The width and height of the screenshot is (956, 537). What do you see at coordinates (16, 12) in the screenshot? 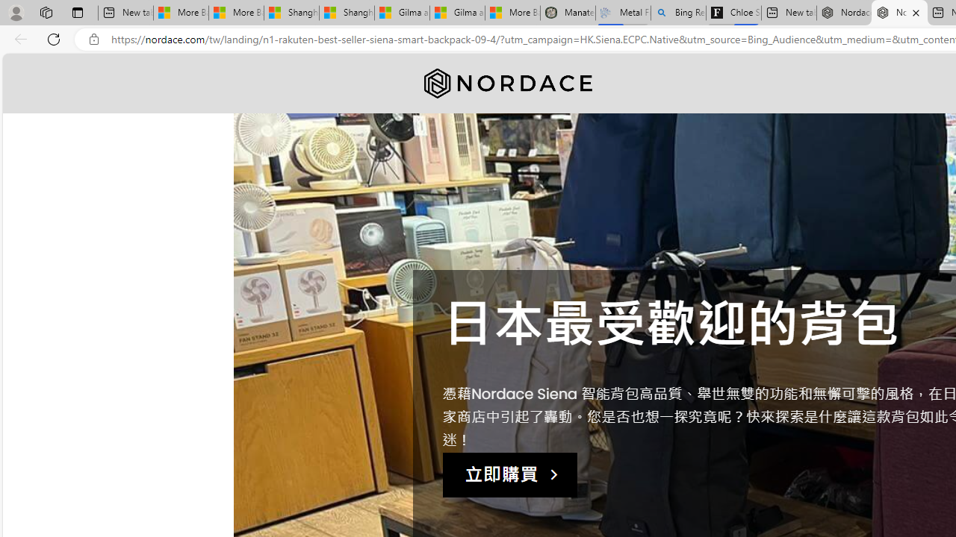
I see `'Personal Profile'` at bounding box center [16, 12].